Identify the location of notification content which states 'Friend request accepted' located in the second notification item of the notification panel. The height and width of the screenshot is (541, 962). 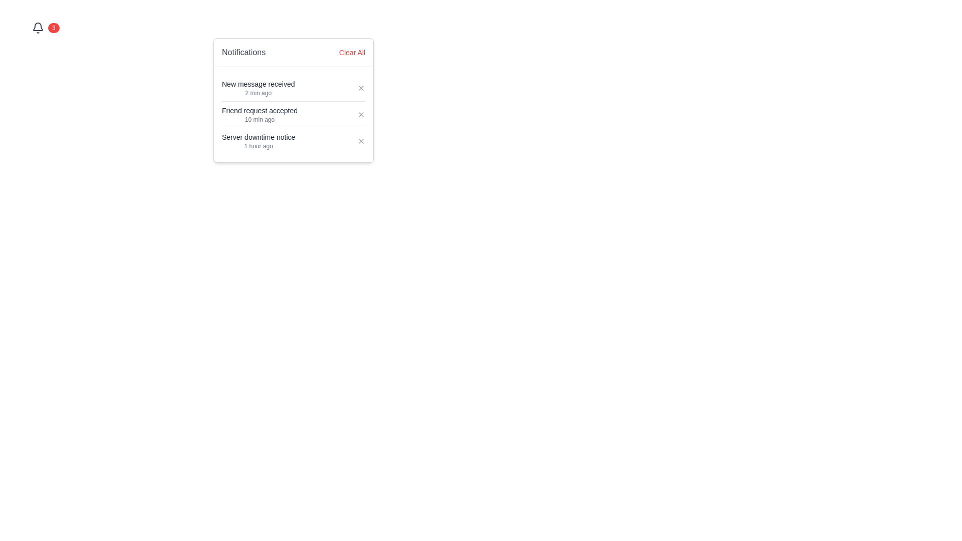
(293, 114).